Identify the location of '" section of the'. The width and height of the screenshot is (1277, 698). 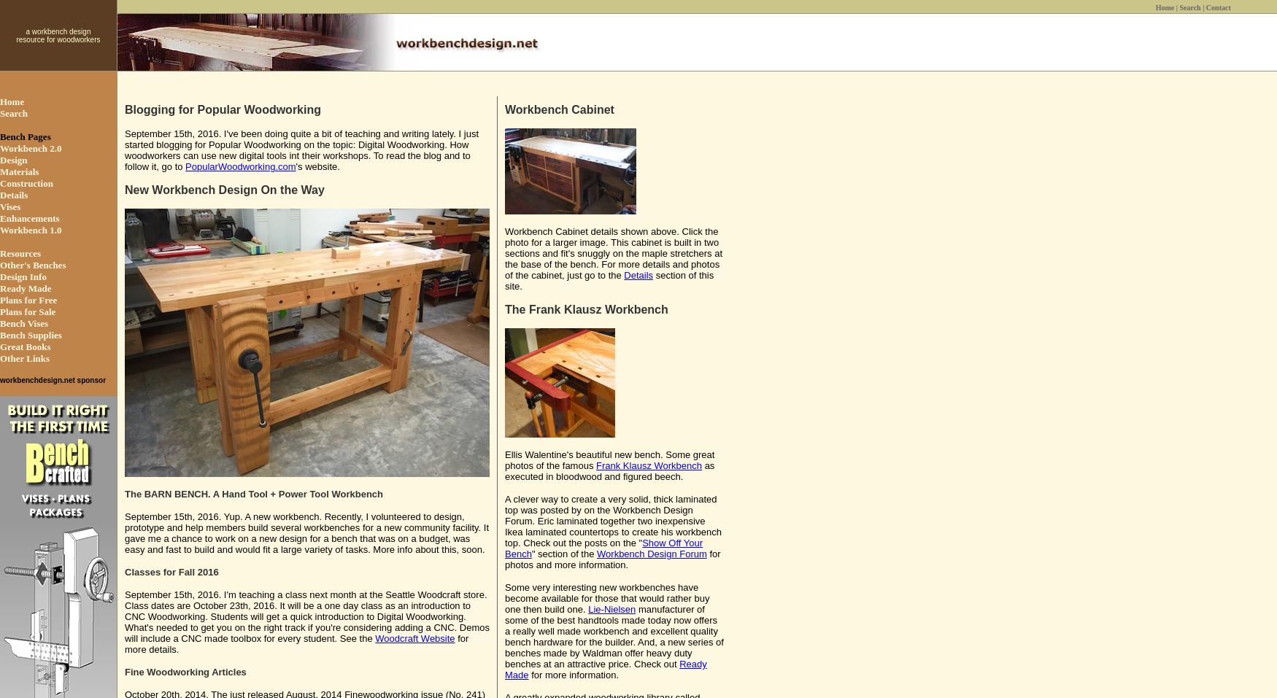
(563, 554).